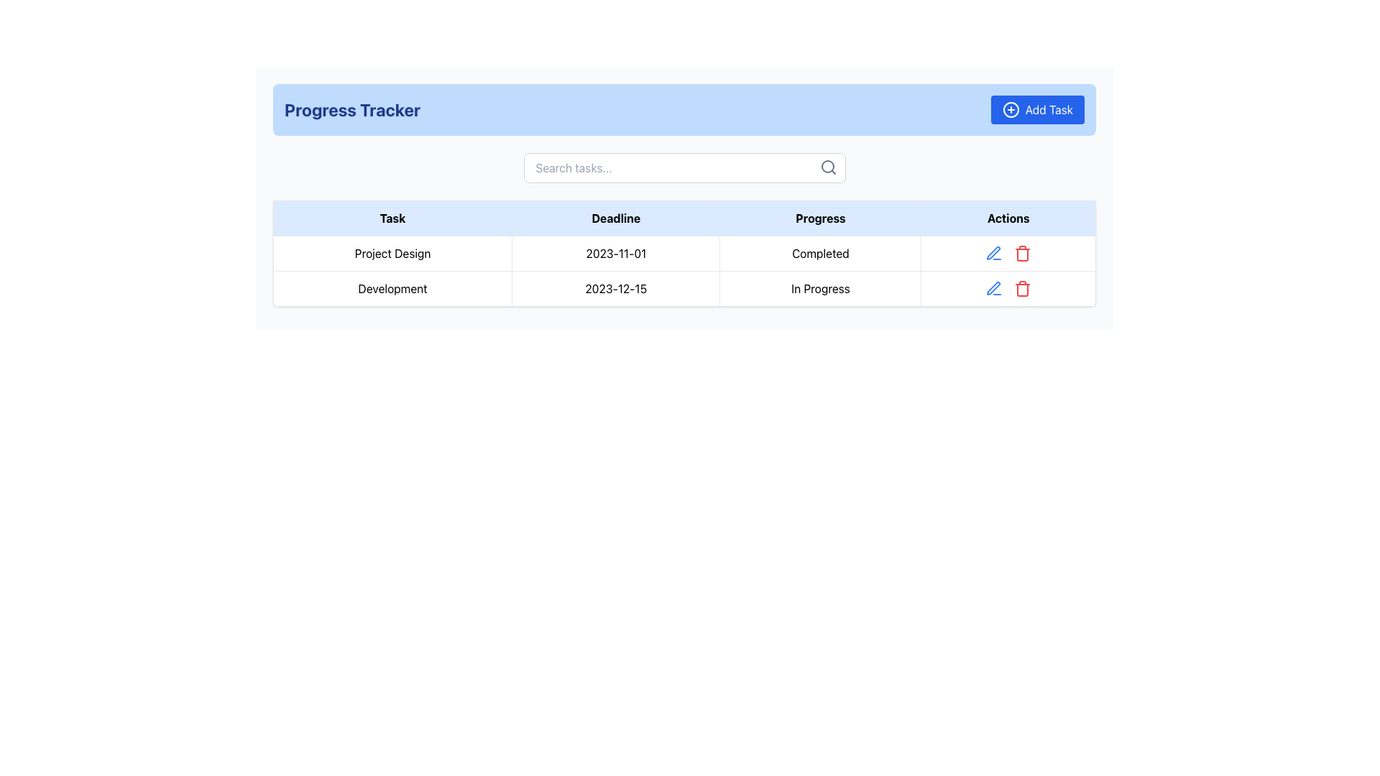 The width and height of the screenshot is (1380, 776). Describe the element at coordinates (392, 253) in the screenshot. I see `the table cell containing the text 'Project Design' in the first column of the first data row under the 'Task' header` at that location.